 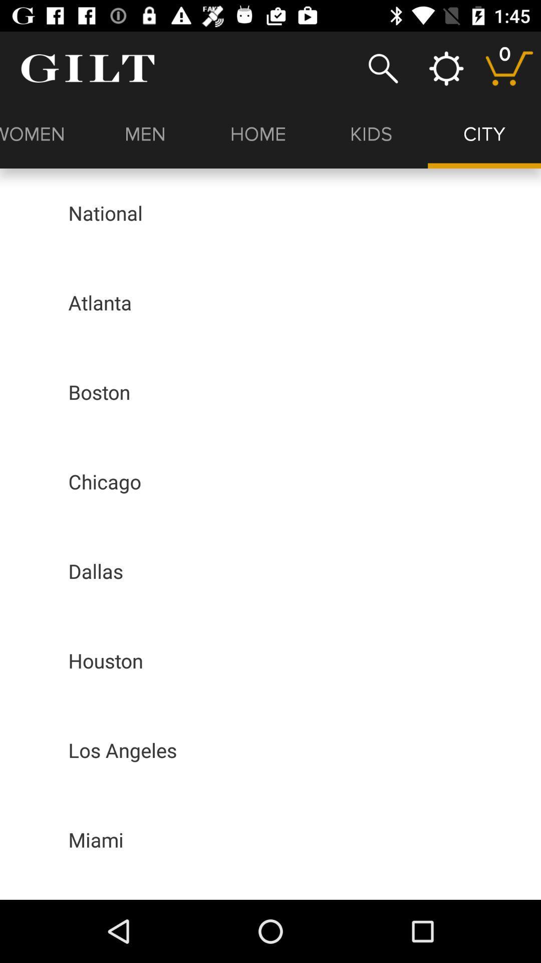 I want to click on the item above the atlanta icon, so click(x=105, y=212).